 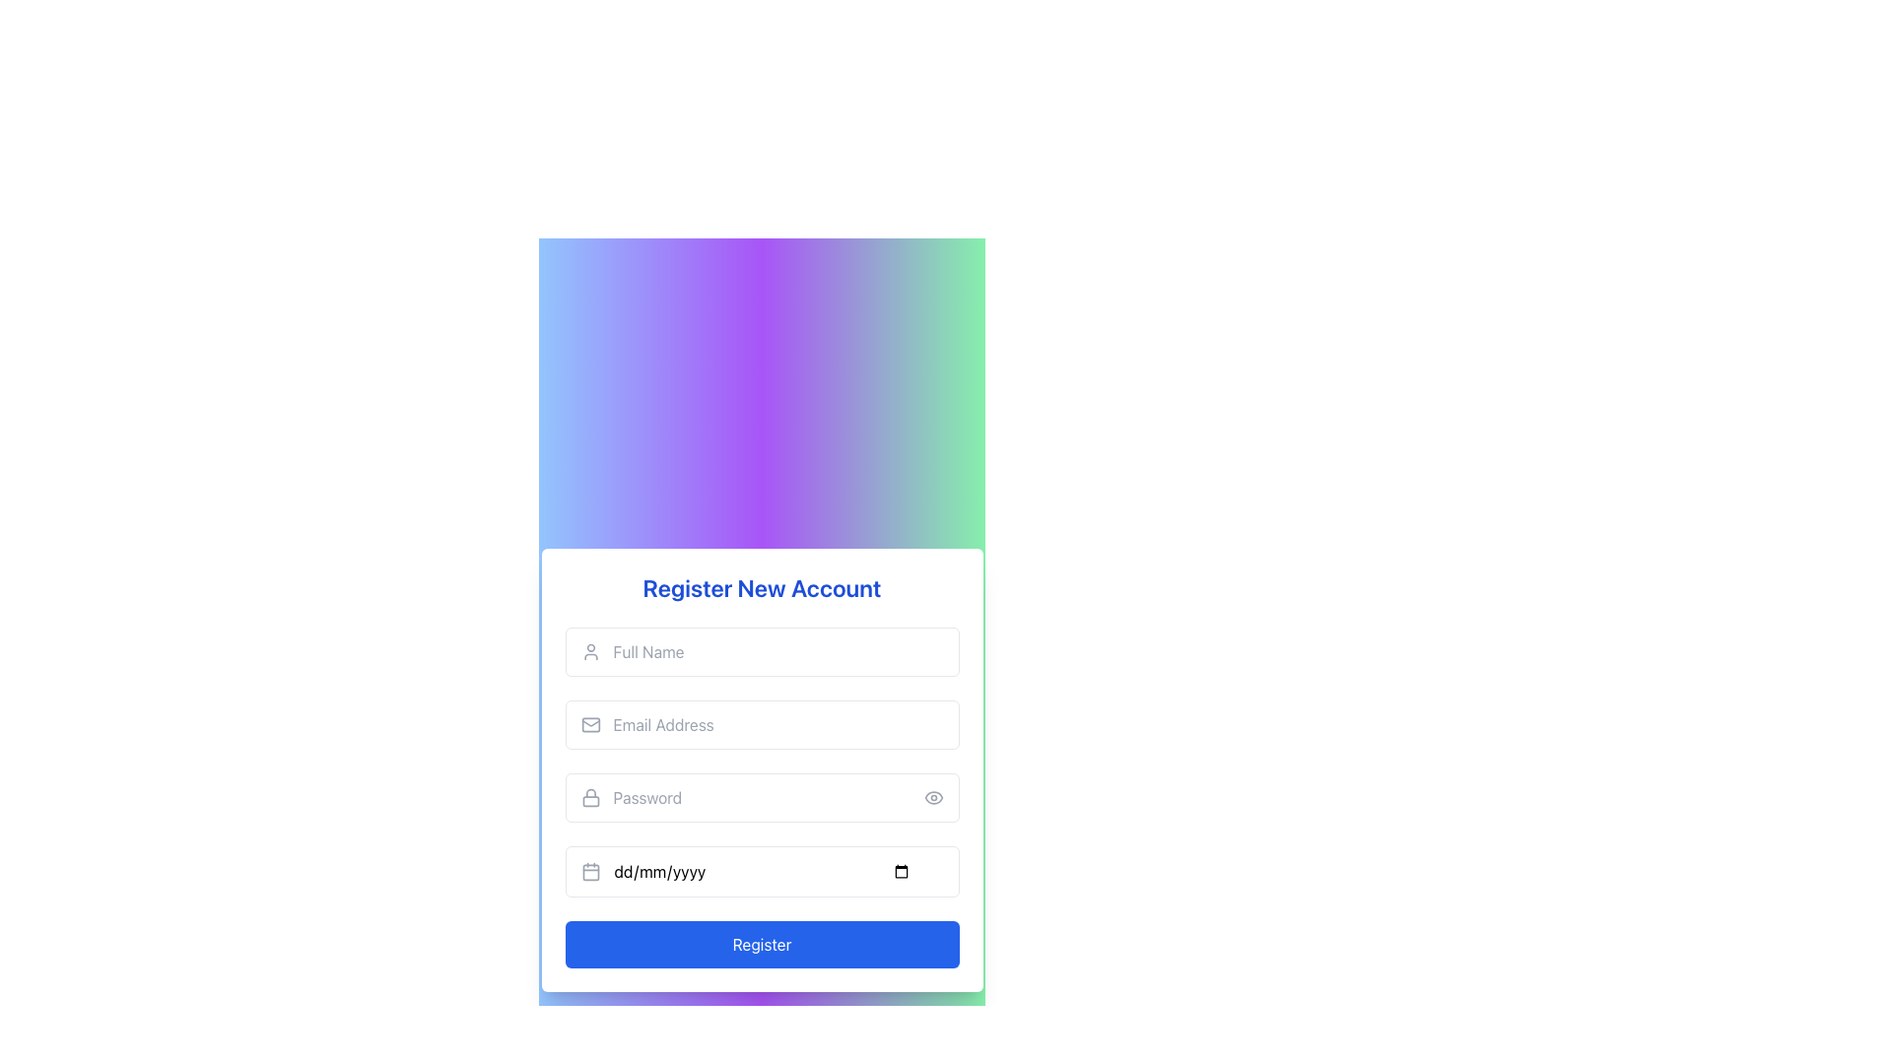 What do you see at coordinates (932, 798) in the screenshot?
I see `the button` at bounding box center [932, 798].